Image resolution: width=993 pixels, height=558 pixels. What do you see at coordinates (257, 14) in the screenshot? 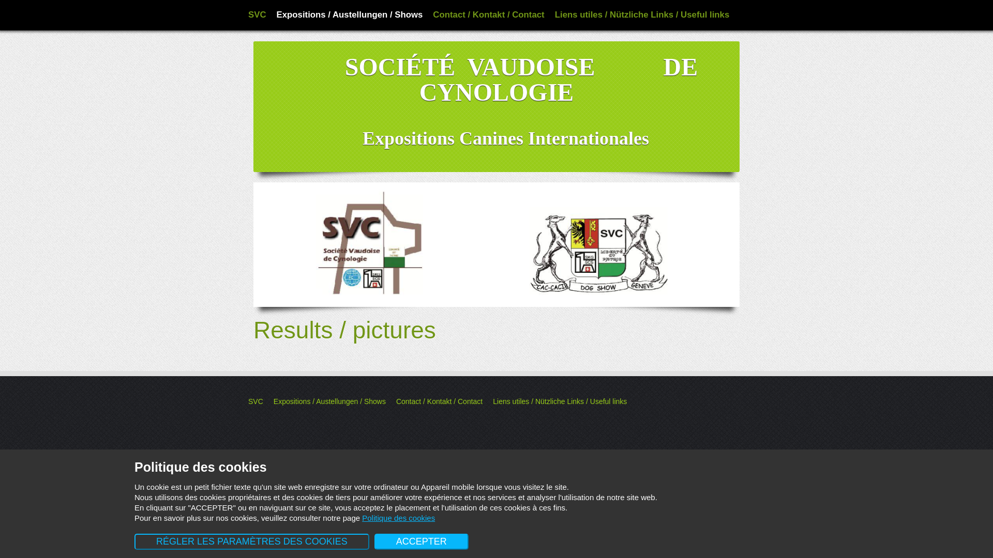
I see `'SVC'` at bounding box center [257, 14].